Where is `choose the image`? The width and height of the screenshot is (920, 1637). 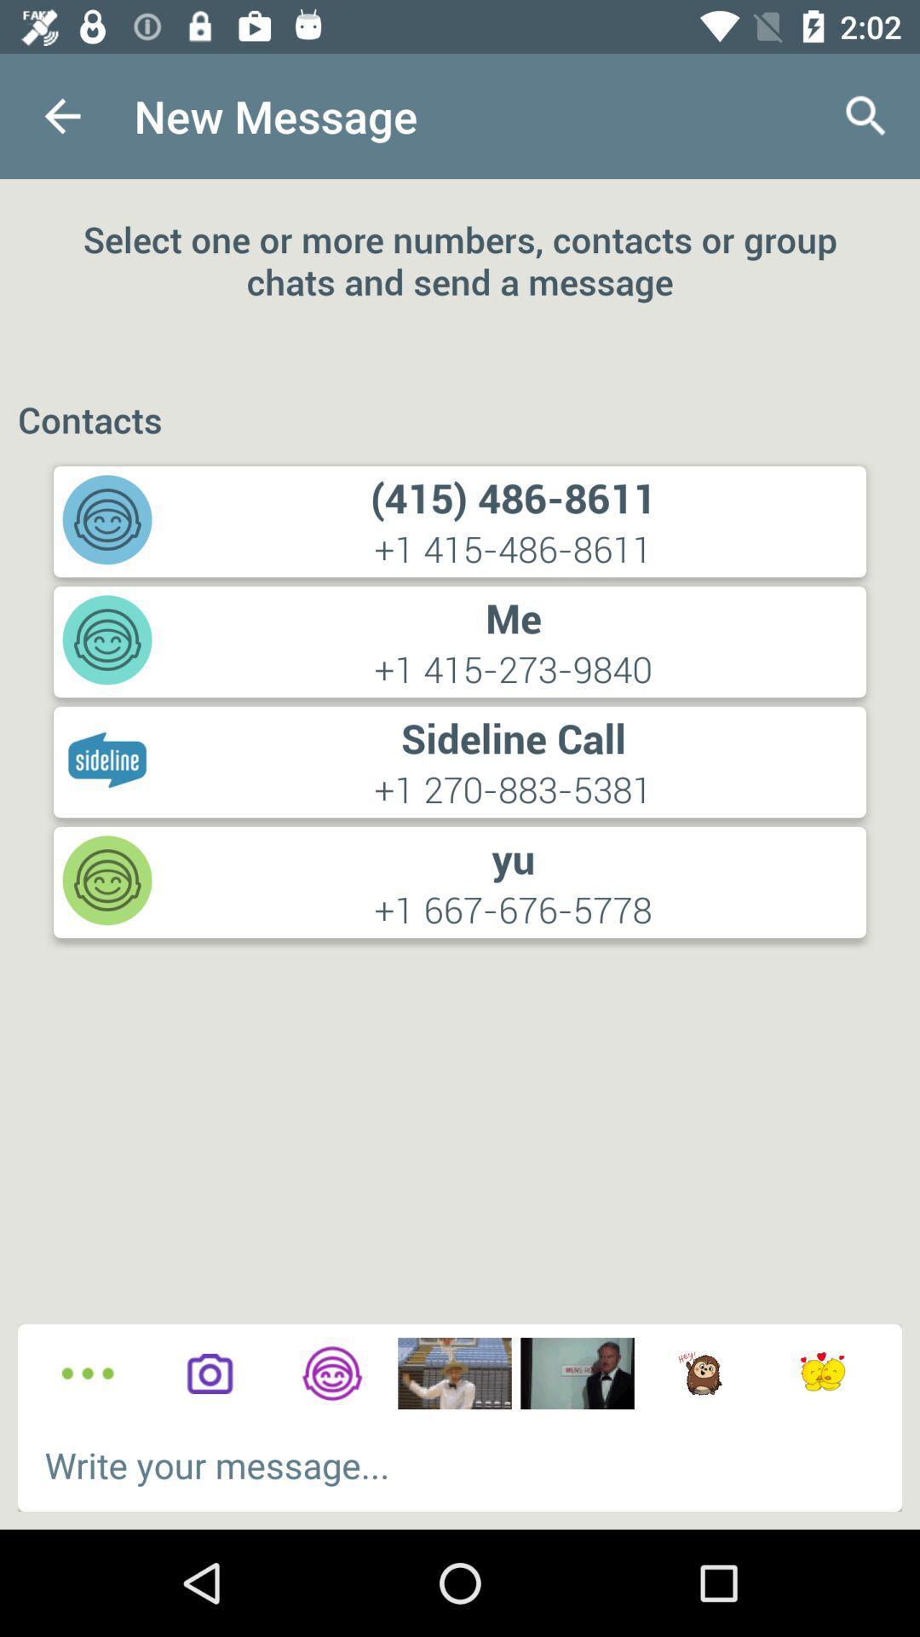 choose the image is located at coordinates (453, 1374).